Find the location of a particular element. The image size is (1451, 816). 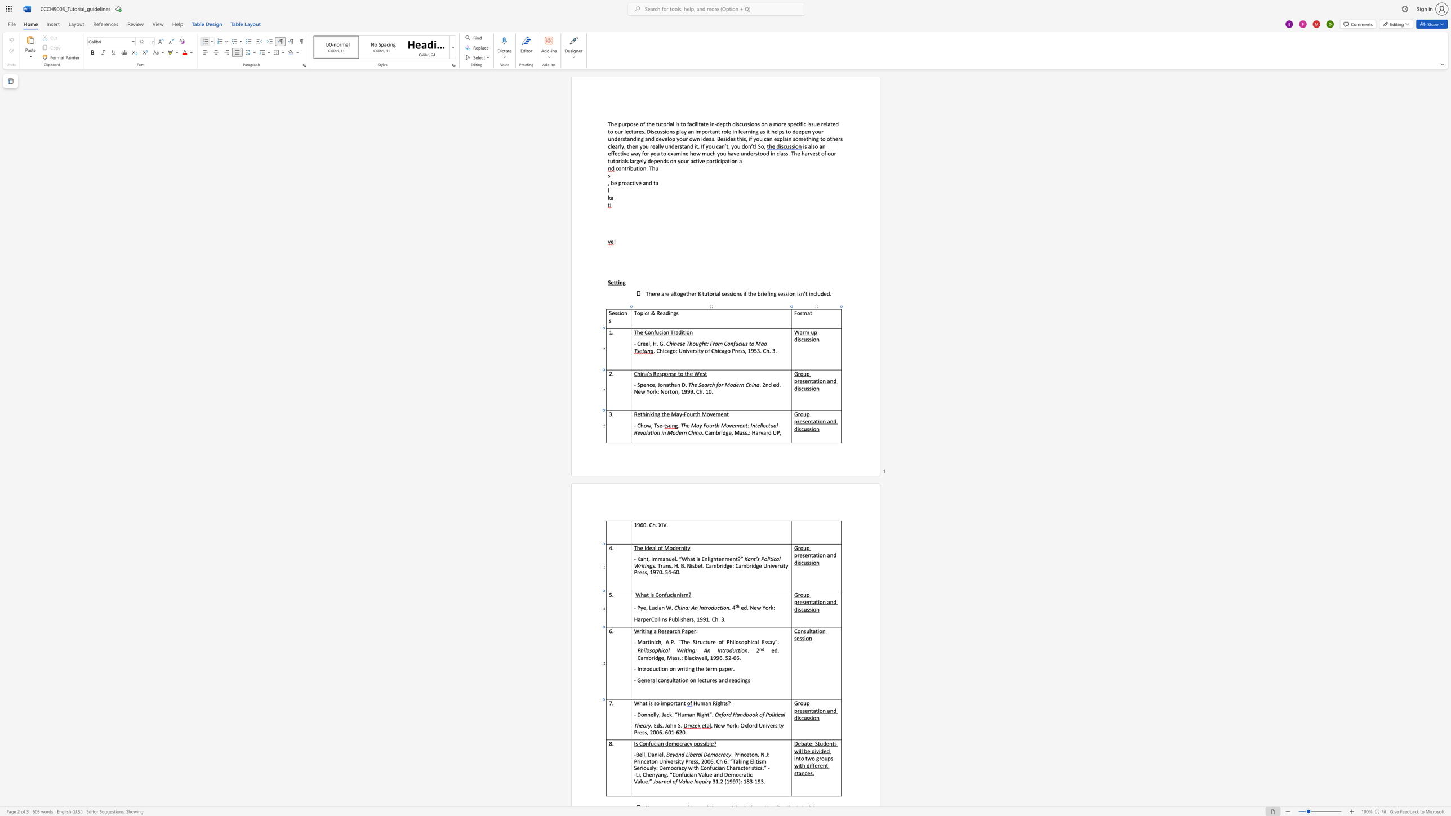

the space between the continuous character "n" and "t" in the text is located at coordinates (683, 703).